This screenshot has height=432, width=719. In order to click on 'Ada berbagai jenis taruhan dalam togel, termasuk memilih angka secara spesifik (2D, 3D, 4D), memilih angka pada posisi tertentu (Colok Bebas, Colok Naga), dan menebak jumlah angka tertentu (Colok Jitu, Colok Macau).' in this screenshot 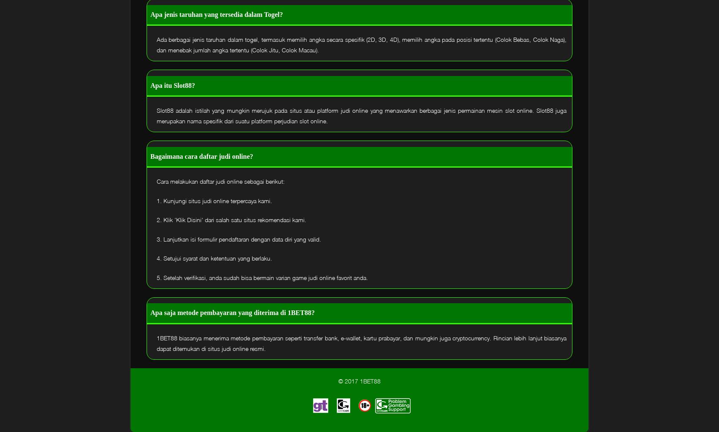, I will do `click(361, 44)`.